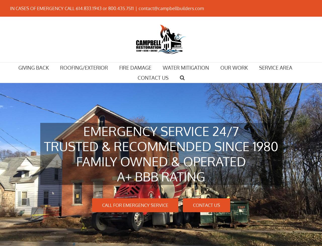 The height and width of the screenshot is (246, 322). Describe the element at coordinates (160, 176) in the screenshot. I see `'A+ BBB RATING'` at that location.